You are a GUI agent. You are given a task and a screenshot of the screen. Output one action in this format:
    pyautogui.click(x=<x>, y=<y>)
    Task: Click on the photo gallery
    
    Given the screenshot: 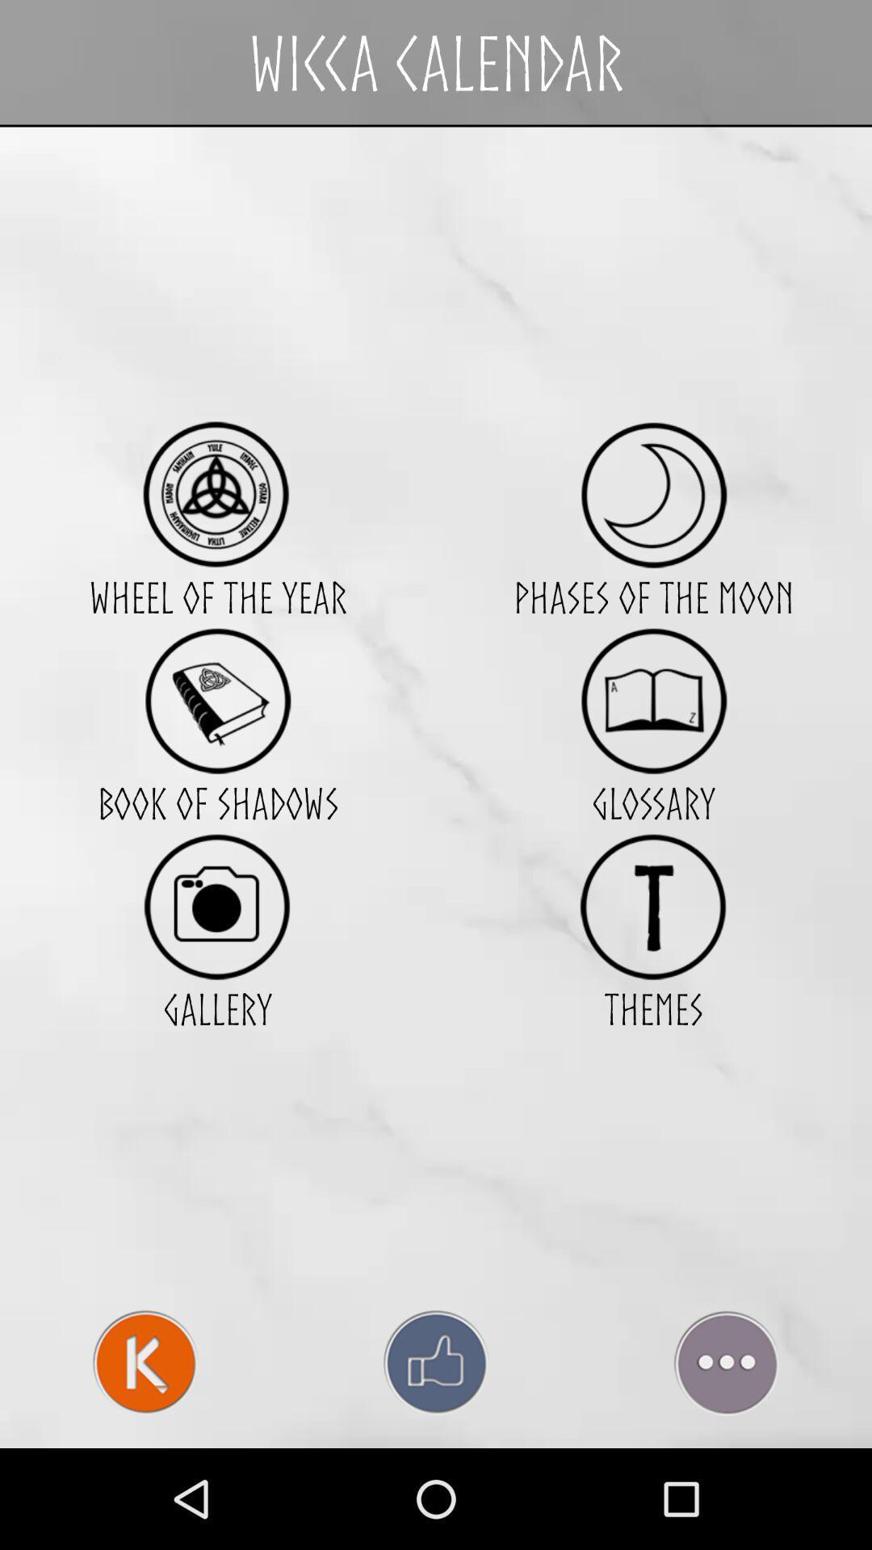 What is the action you would take?
    pyautogui.click(x=216, y=907)
    